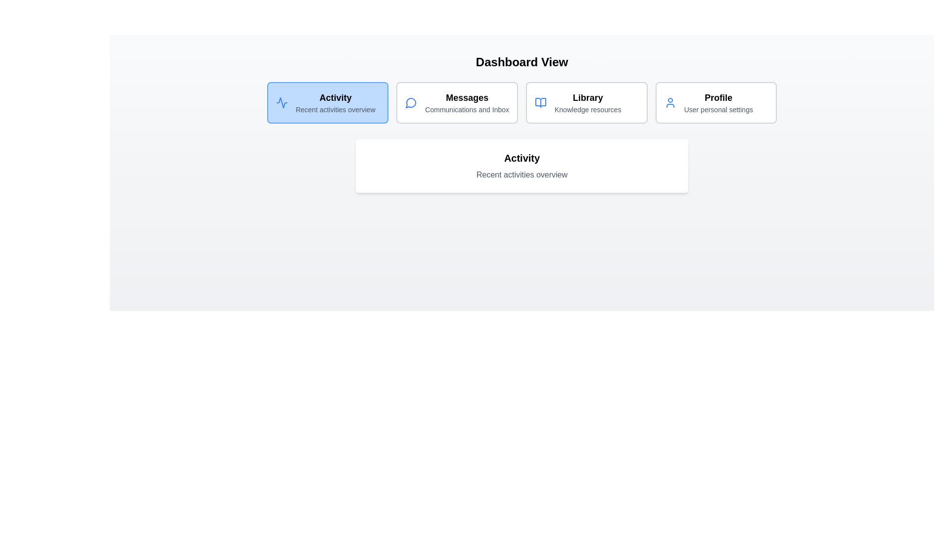  What do you see at coordinates (670, 103) in the screenshot?
I see `the icon representing the section Profile` at bounding box center [670, 103].